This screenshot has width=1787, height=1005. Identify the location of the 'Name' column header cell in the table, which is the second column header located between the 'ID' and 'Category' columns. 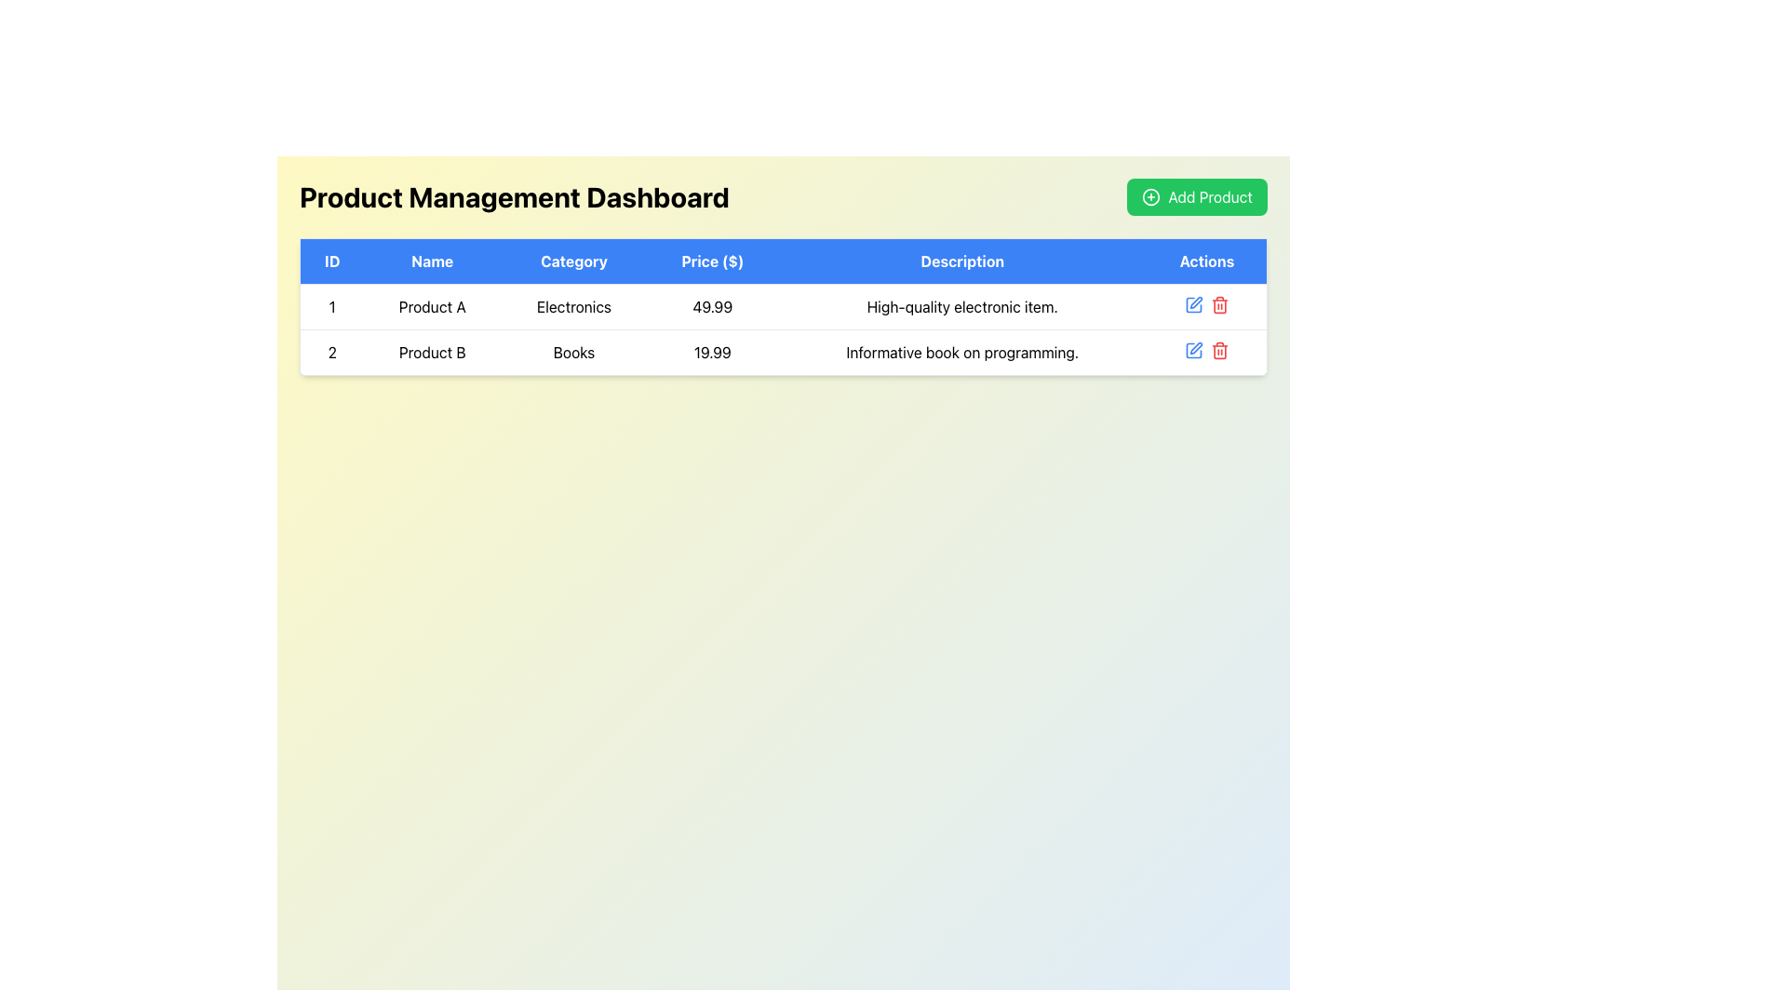
(431, 261).